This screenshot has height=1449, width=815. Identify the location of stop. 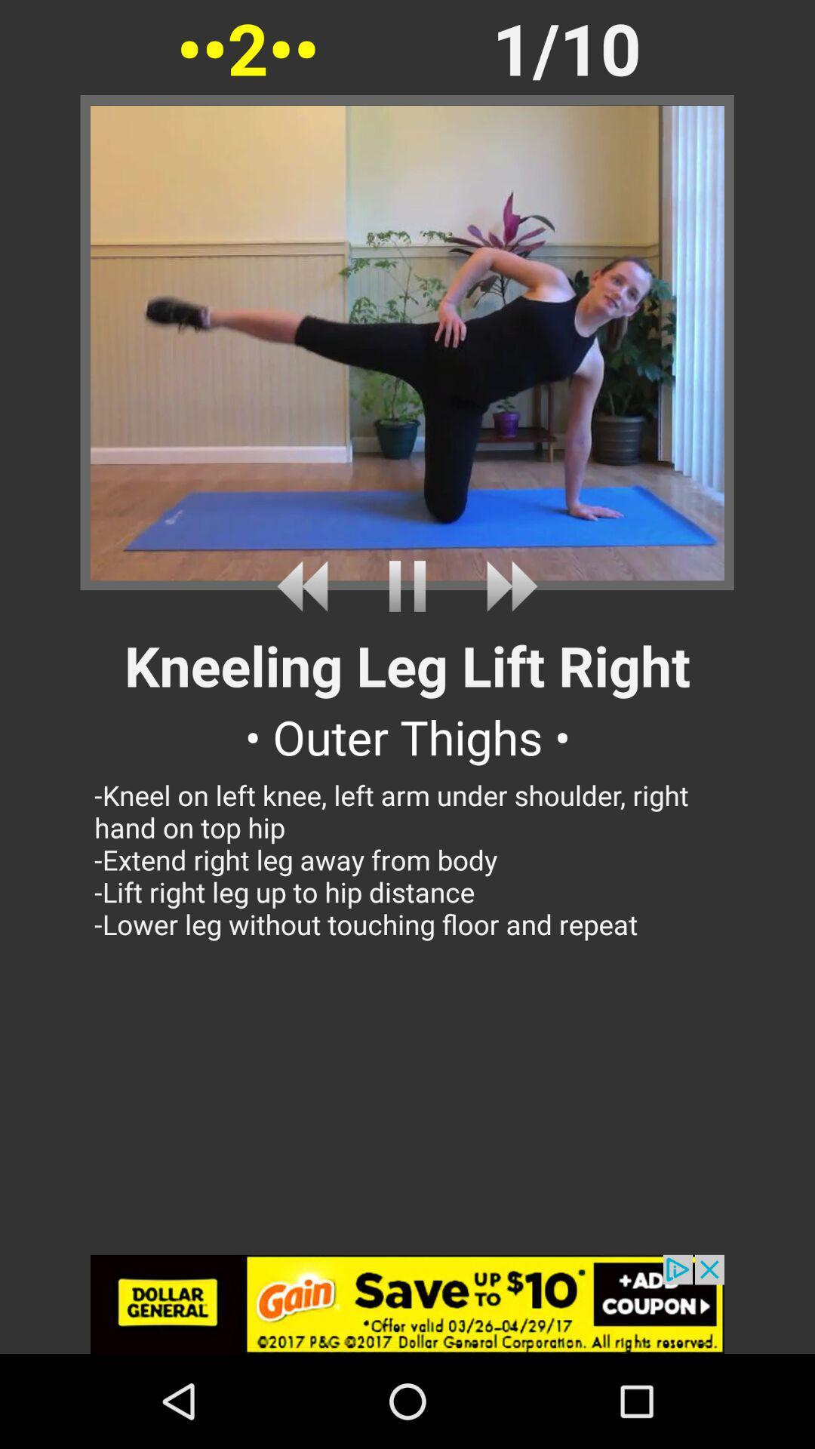
(407, 586).